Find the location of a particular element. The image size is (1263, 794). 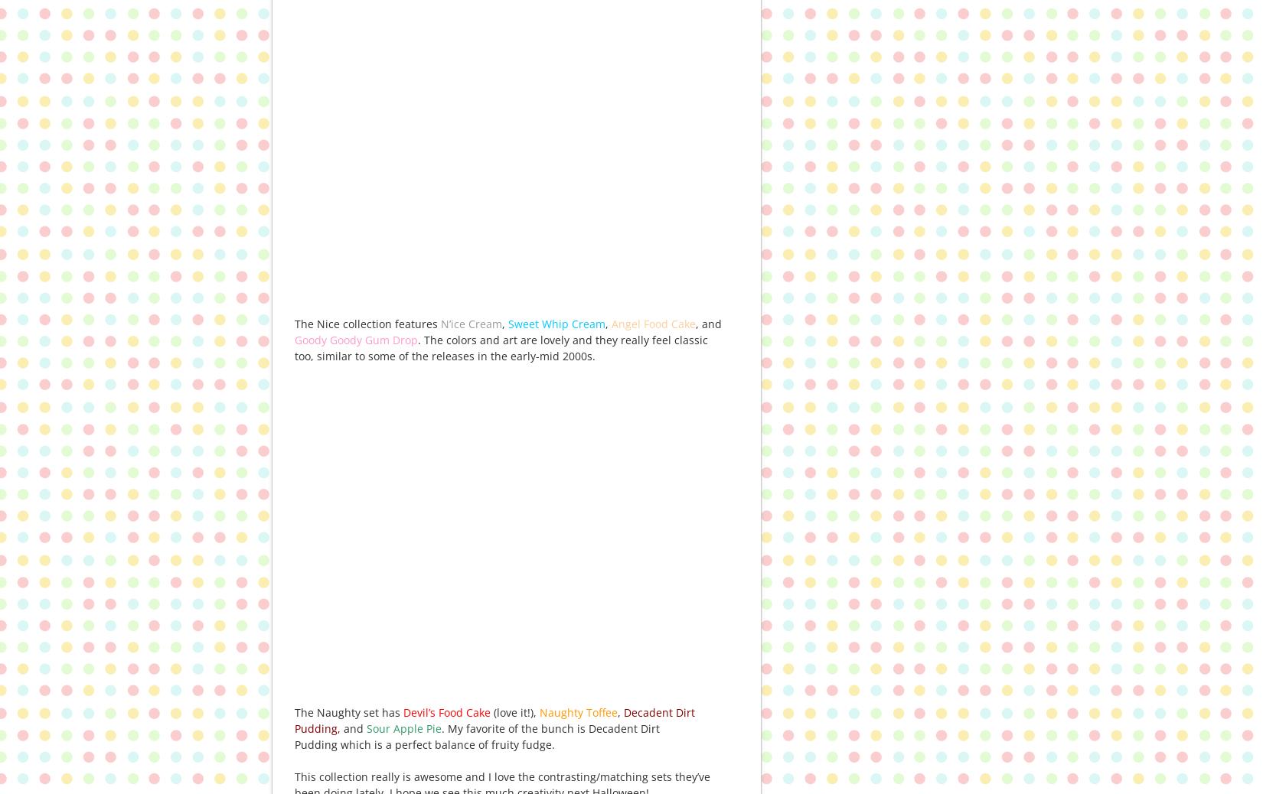

'(love it!),' is located at coordinates (514, 712).